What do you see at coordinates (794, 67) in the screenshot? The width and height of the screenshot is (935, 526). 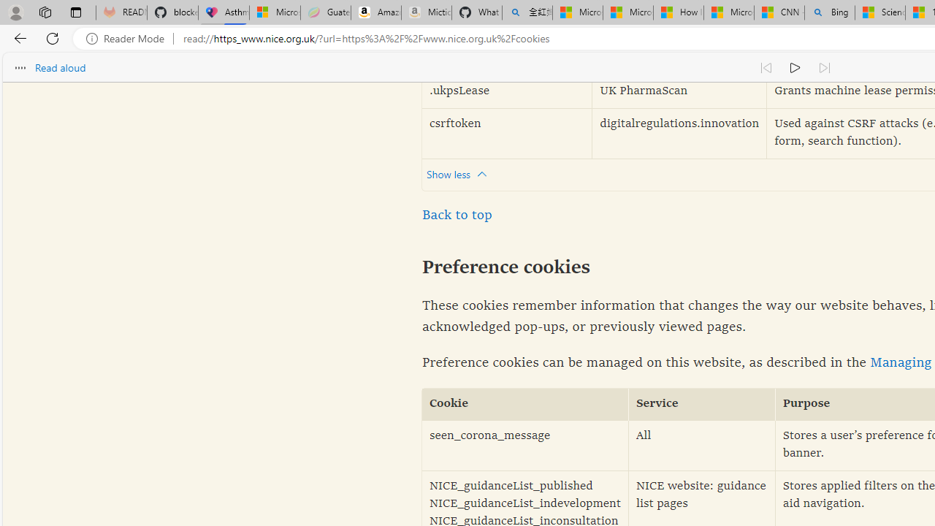 I see `'Continue to read aloud (Ctrl+Shift+U)'` at bounding box center [794, 67].